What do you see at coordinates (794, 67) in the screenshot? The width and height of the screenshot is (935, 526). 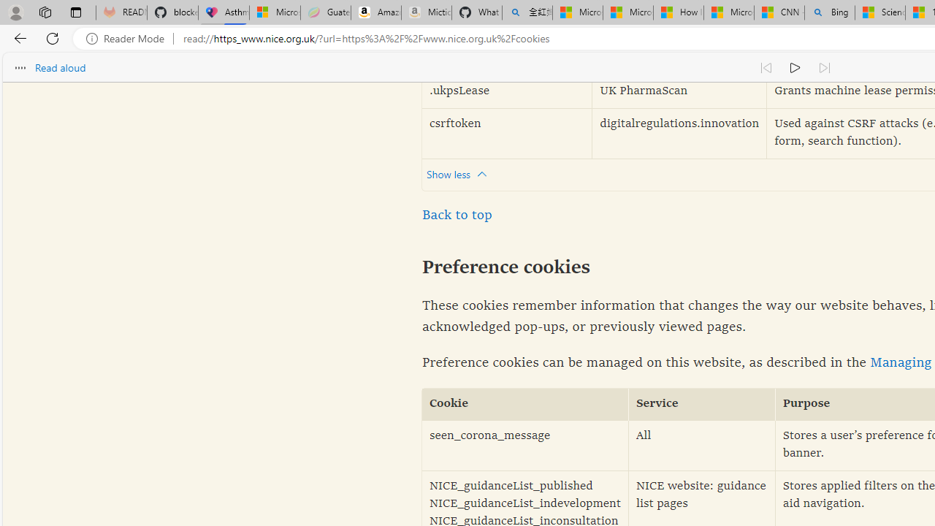 I see `'Continue to read aloud (Ctrl+Shift+U)'` at bounding box center [794, 67].